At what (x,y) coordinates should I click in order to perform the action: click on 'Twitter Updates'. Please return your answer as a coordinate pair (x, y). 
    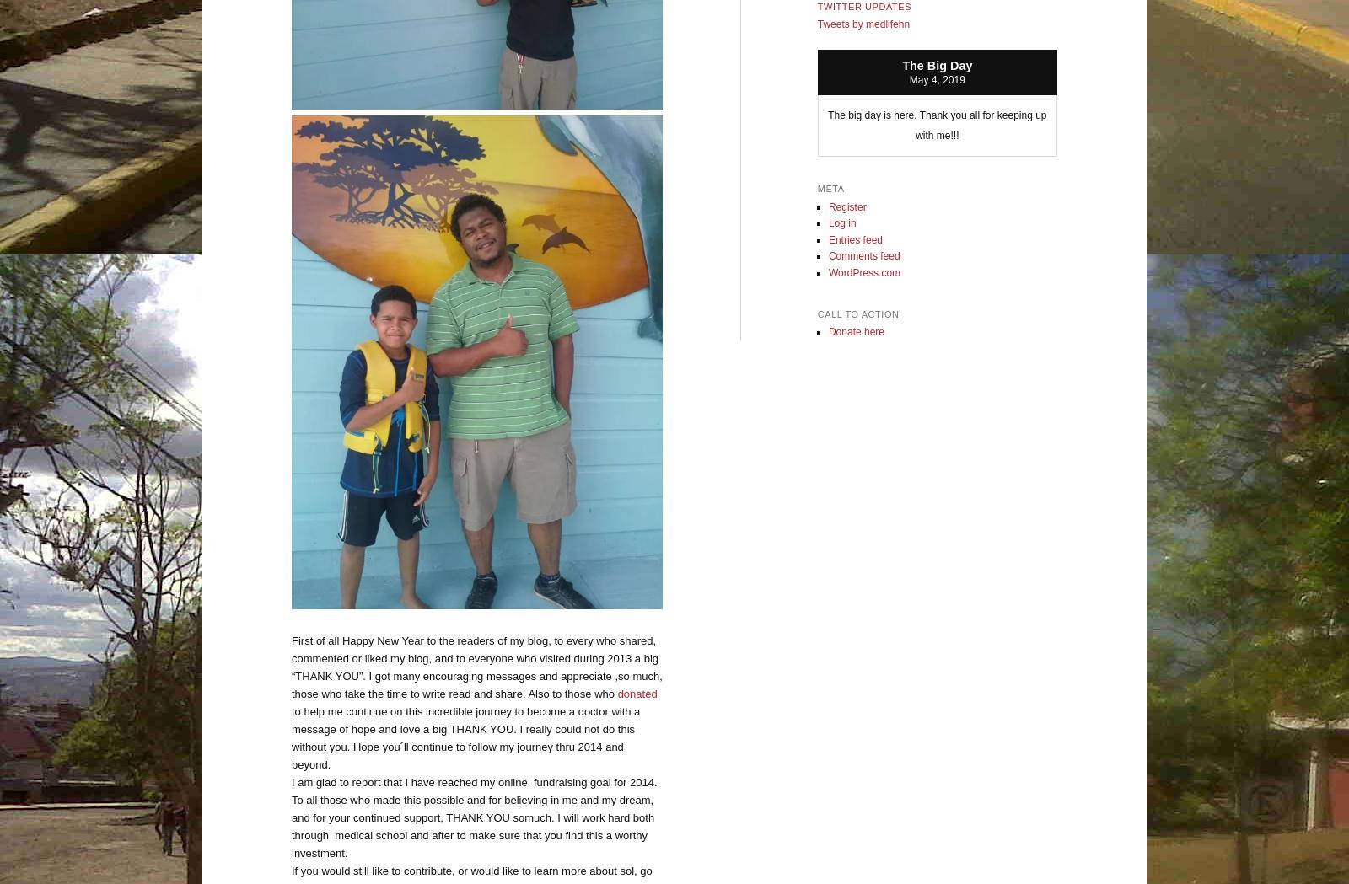
    Looking at the image, I should click on (863, 5).